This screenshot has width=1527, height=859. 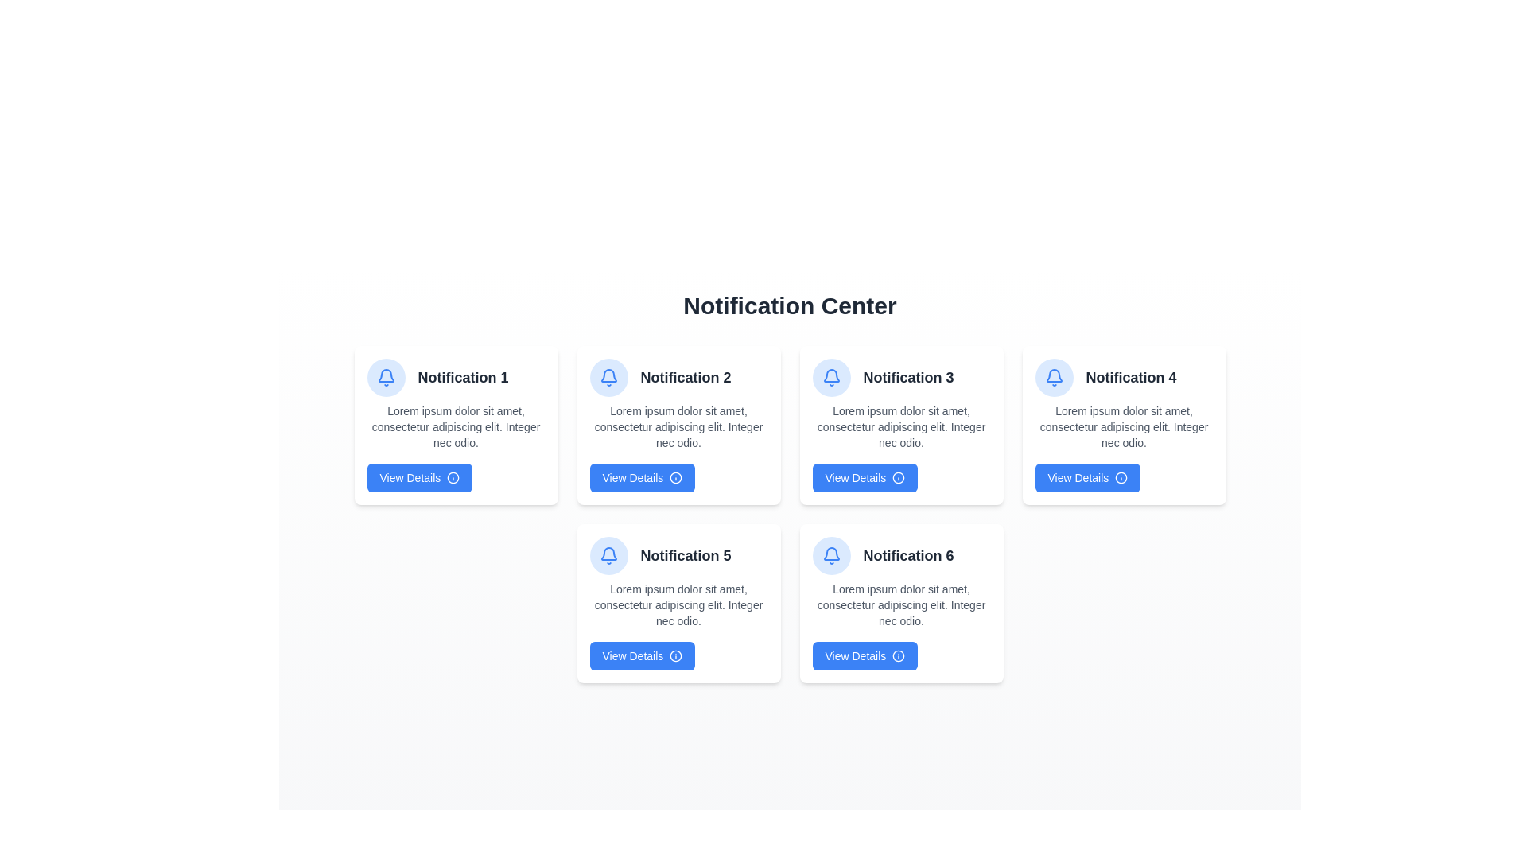 What do you see at coordinates (386, 377) in the screenshot?
I see `the circular notification icon with a light blue background and a central blue bell symbol, located at the top-left of the card labeled 'Notification 1'` at bounding box center [386, 377].